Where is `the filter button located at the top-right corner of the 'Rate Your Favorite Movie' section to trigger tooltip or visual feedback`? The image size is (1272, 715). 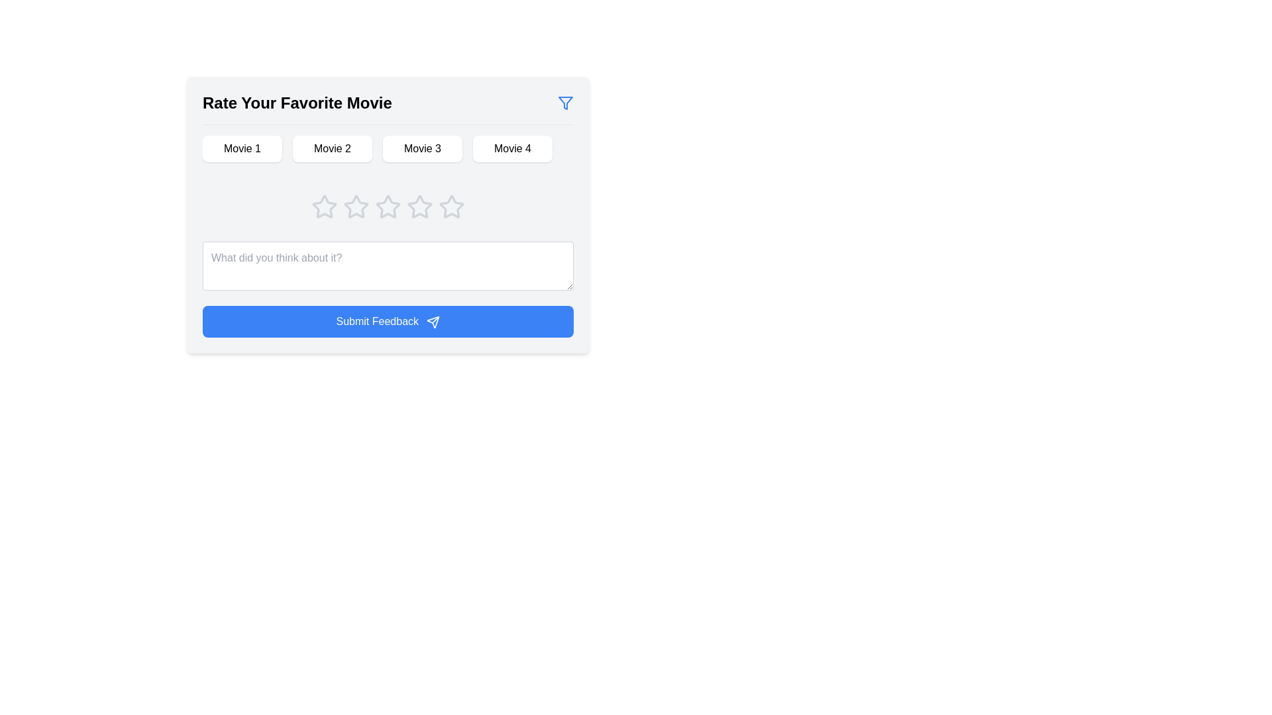
the filter button located at the top-right corner of the 'Rate Your Favorite Movie' section to trigger tooltip or visual feedback is located at coordinates (566, 102).